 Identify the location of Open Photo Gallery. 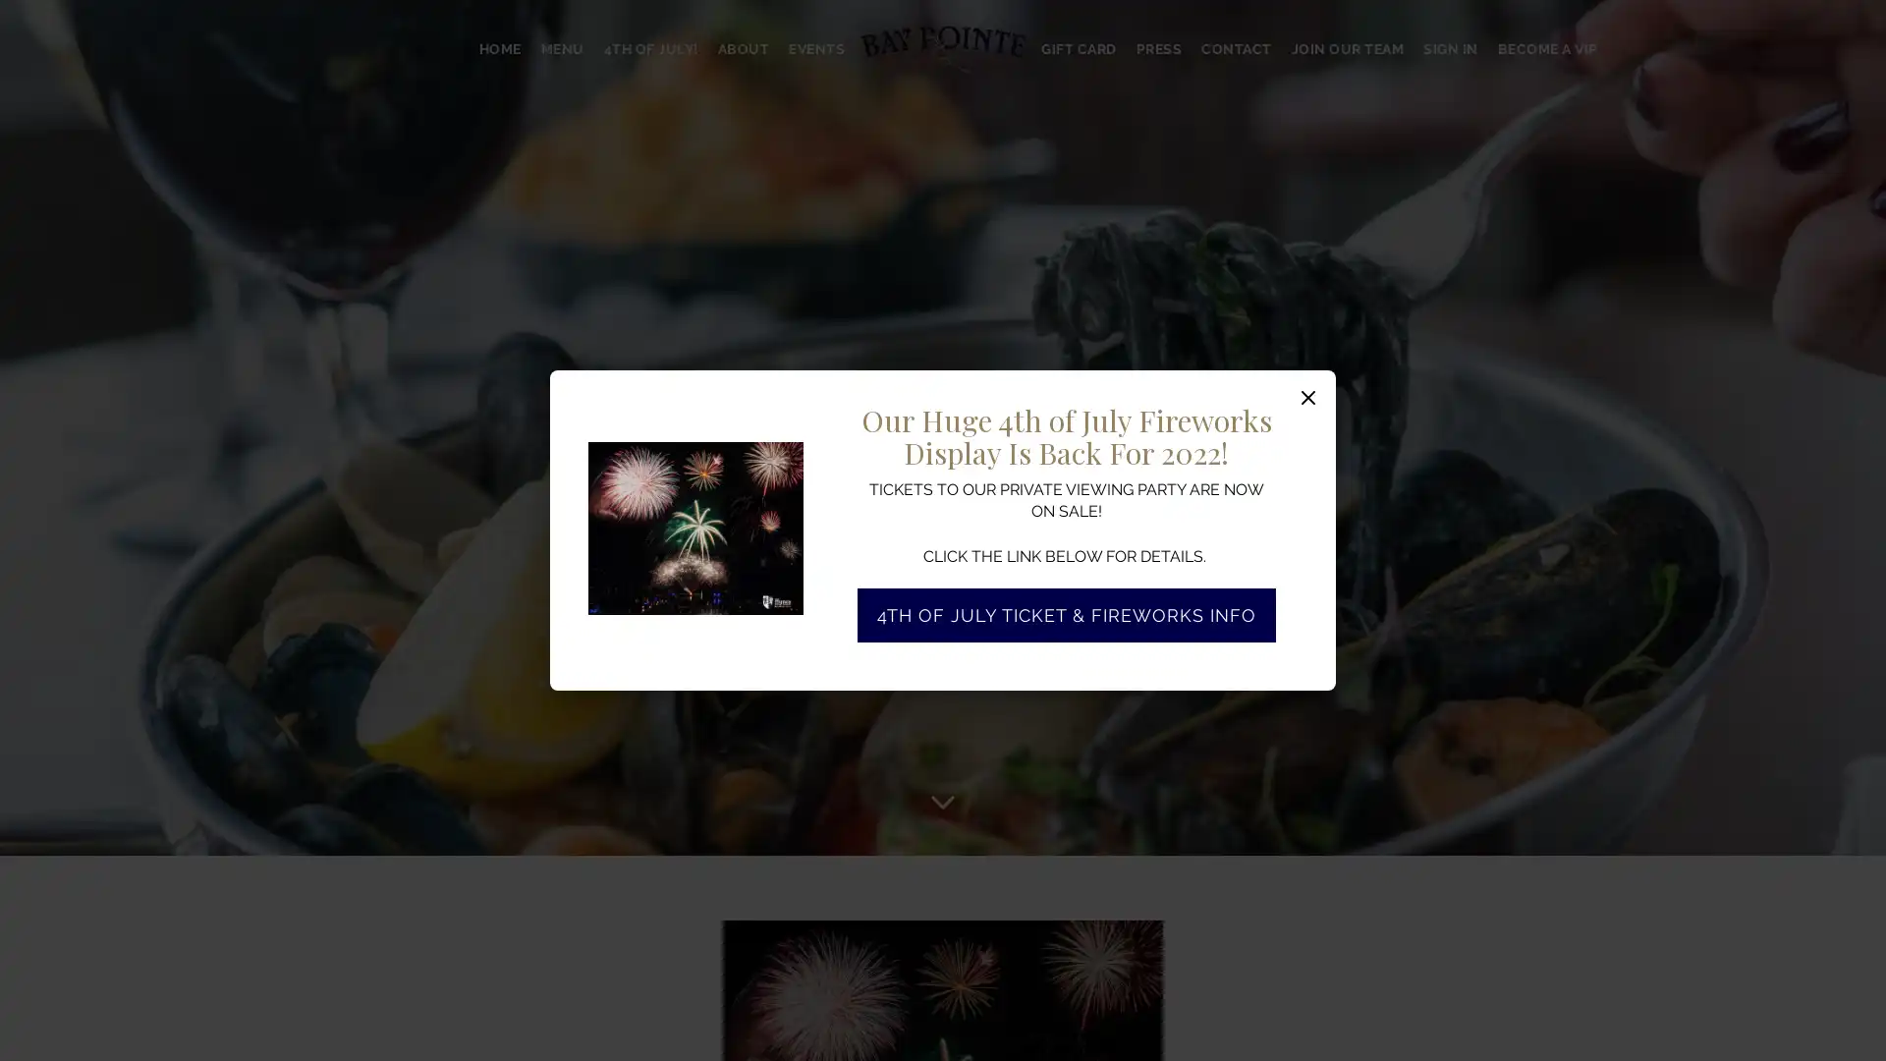
(780, 461).